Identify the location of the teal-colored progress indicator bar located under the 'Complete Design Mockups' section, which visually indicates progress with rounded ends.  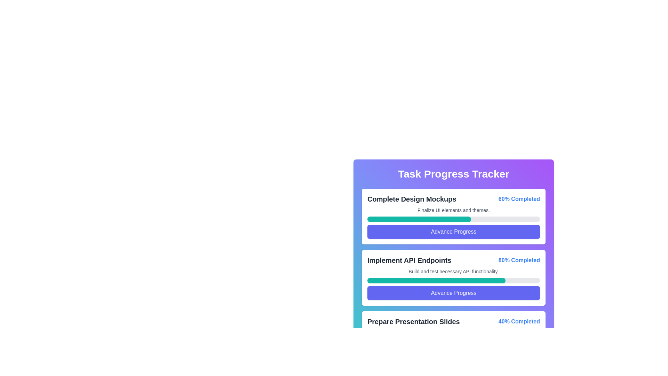
(419, 219).